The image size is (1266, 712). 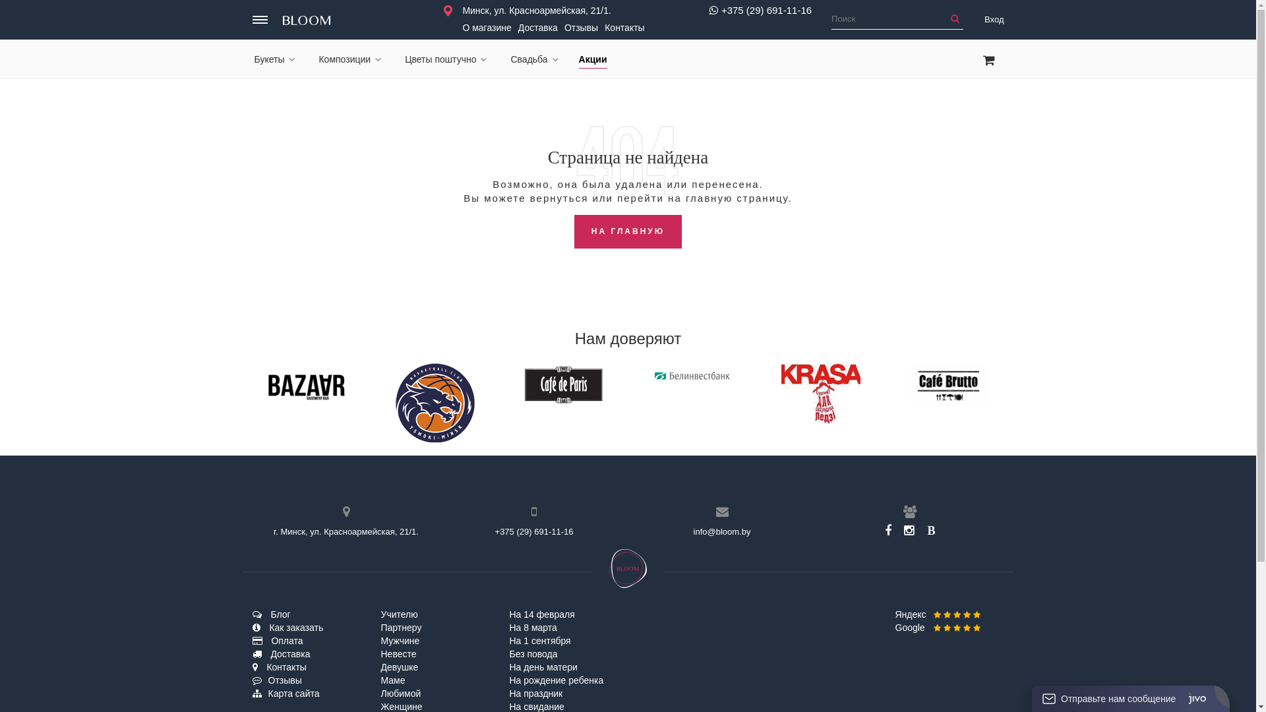 What do you see at coordinates (937, 627) in the screenshot?
I see `'Google'` at bounding box center [937, 627].